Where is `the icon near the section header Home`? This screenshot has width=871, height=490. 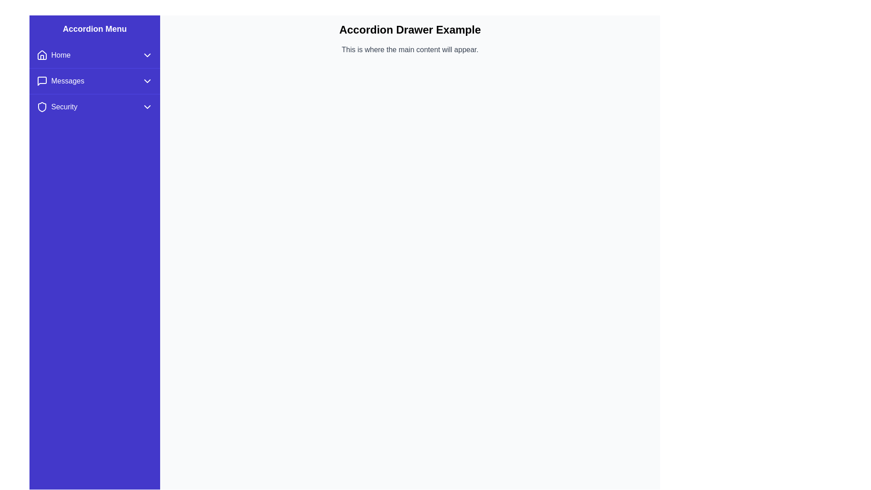
the icon near the section header Home is located at coordinates (41, 55).